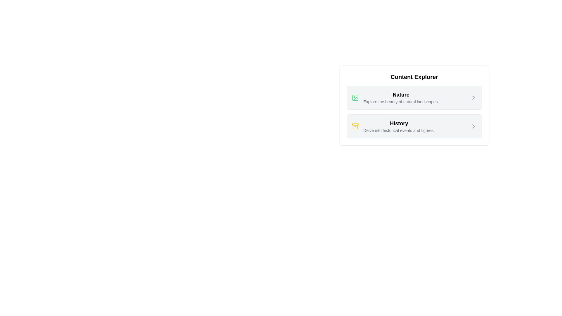  What do you see at coordinates (401, 101) in the screenshot?
I see `the text label that describes the topic 'Nature'` at bounding box center [401, 101].